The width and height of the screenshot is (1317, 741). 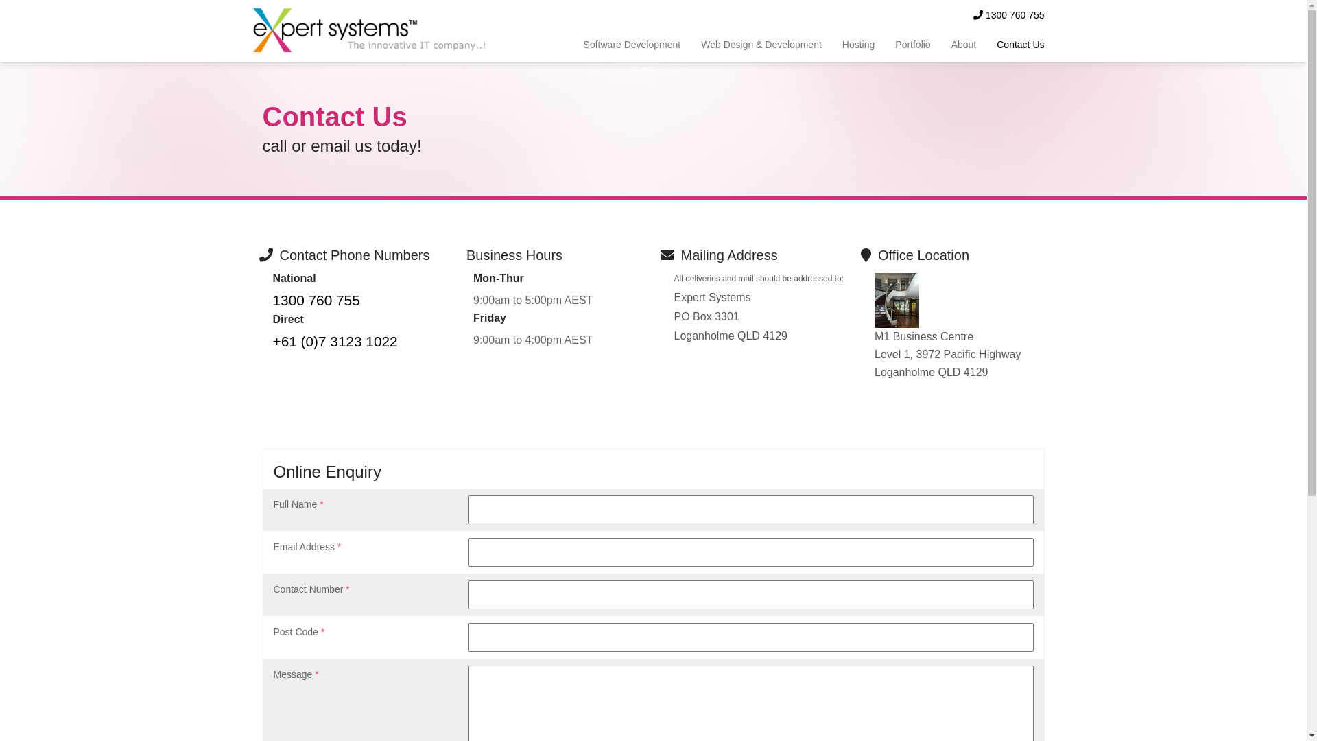 What do you see at coordinates (760, 44) in the screenshot?
I see `'Web Design & Development'` at bounding box center [760, 44].